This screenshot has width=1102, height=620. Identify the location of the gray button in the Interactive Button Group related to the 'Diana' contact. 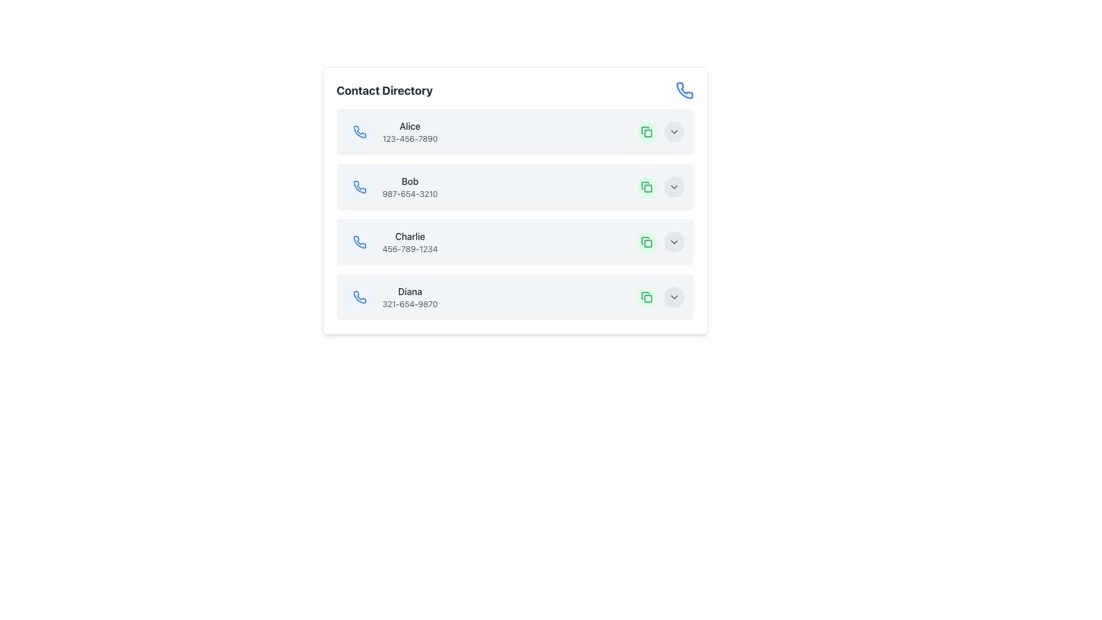
(660, 296).